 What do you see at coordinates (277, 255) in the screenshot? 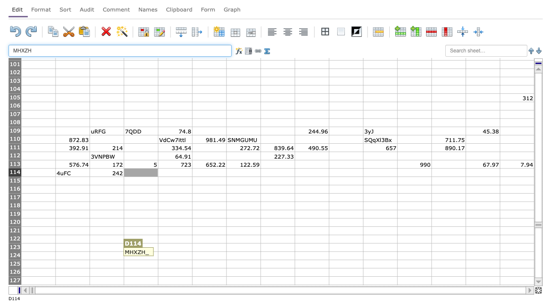
I see `Activate cell H124` at bounding box center [277, 255].